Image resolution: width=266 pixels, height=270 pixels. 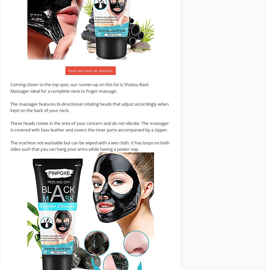 I want to click on 'bi-directional rotating heads', so click(x=84, y=104).